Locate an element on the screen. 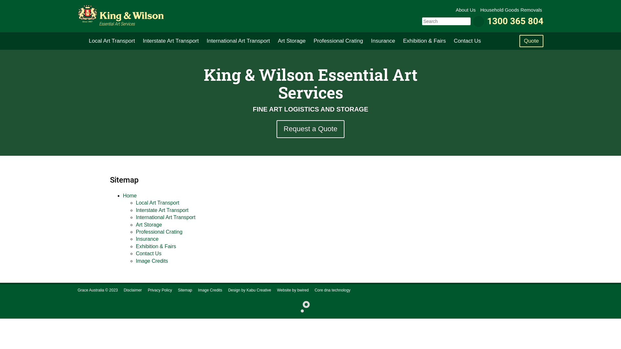  'About Us' is located at coordinates (466, 10).